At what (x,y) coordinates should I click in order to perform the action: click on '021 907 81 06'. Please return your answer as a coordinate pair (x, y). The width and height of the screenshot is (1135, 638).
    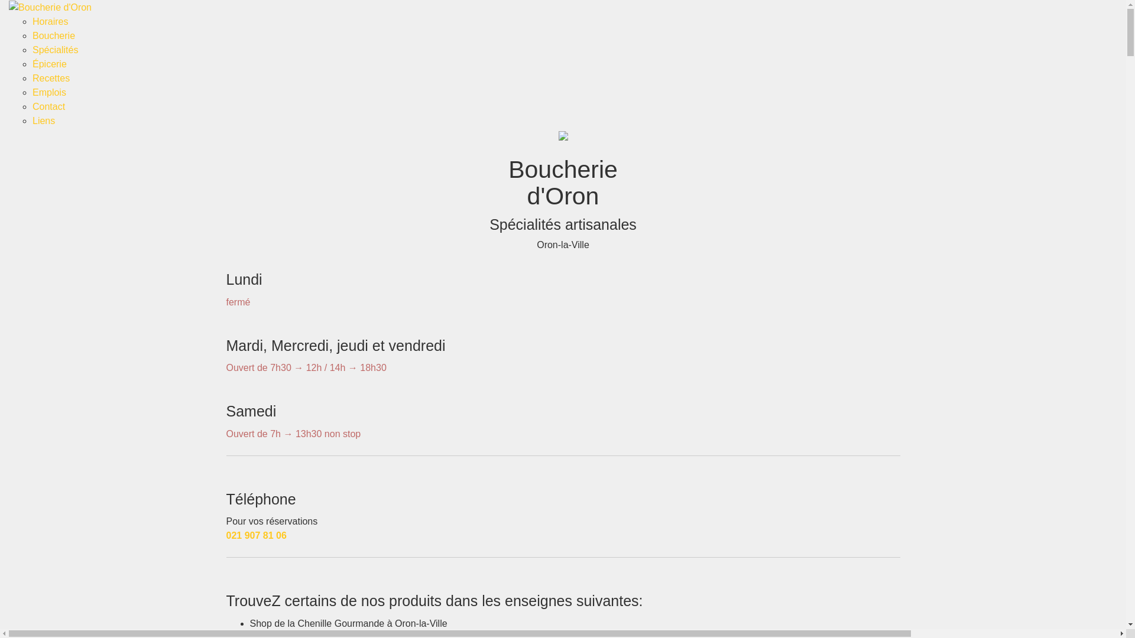
    Looking at the image, I should click on (255, 535).